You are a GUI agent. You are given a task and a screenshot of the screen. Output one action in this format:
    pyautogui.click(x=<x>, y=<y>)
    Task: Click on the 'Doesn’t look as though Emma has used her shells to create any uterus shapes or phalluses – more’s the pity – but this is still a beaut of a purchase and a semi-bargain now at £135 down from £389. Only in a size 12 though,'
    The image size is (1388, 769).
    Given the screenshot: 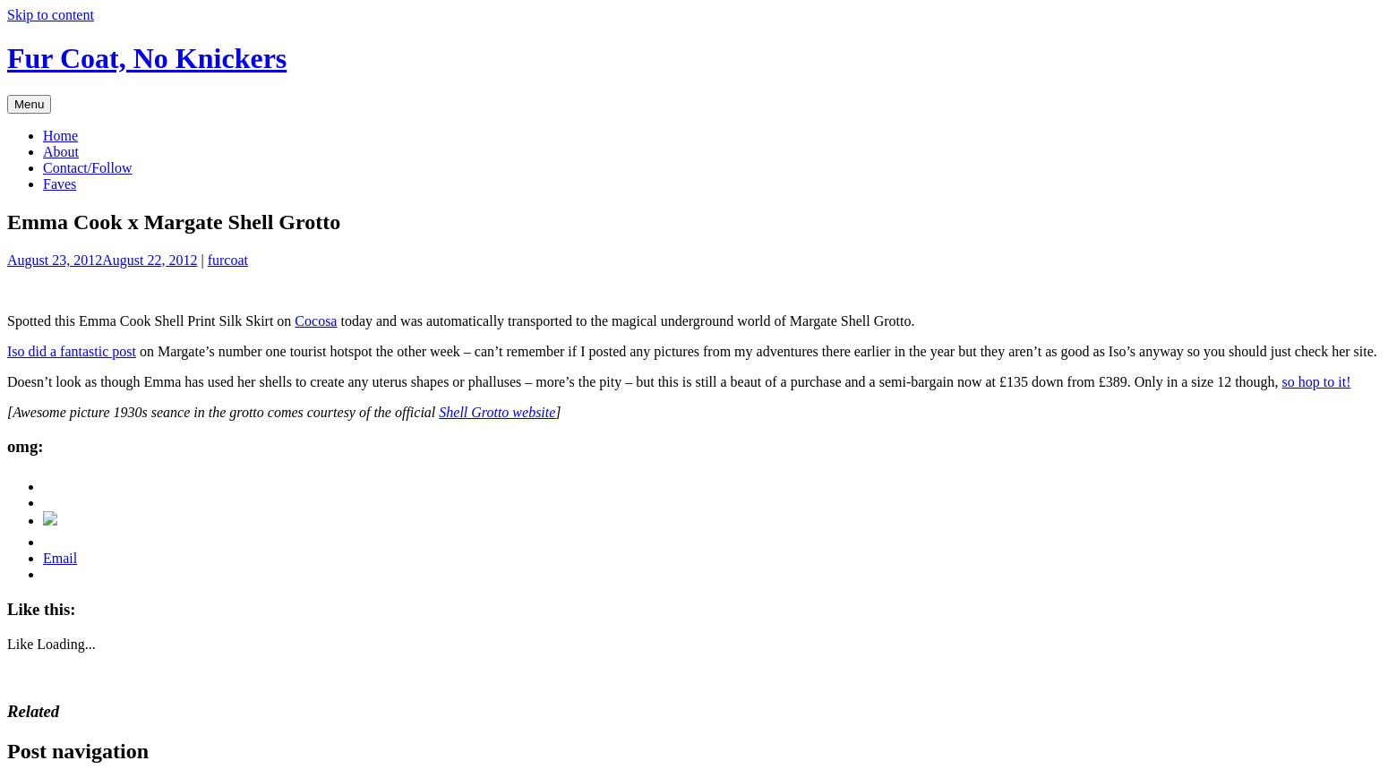 What is the action you would take?
    pyautogui.click(x=644, y=380)
    